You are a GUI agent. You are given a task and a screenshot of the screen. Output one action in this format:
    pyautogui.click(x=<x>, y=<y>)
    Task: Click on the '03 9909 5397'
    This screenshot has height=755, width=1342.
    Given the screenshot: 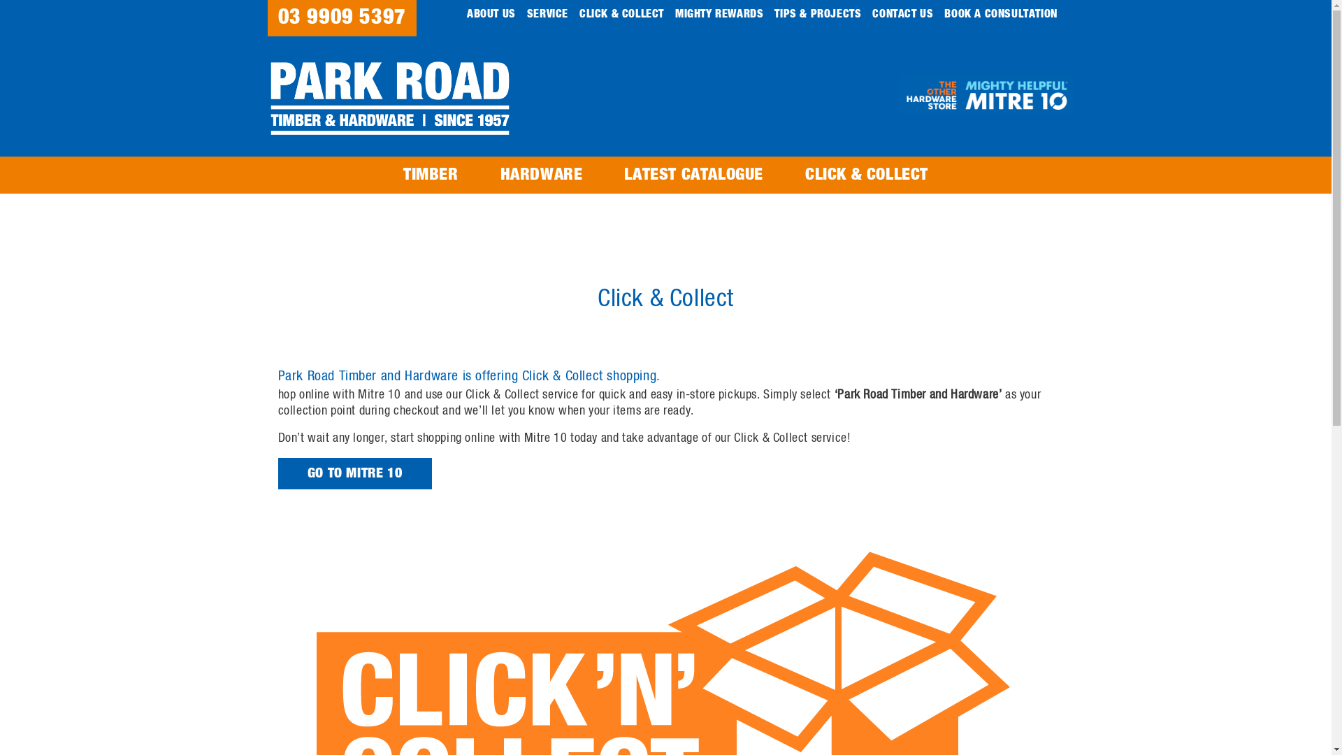 What is the action you would take?
    pyautogui.click(x=341, y=18)
    